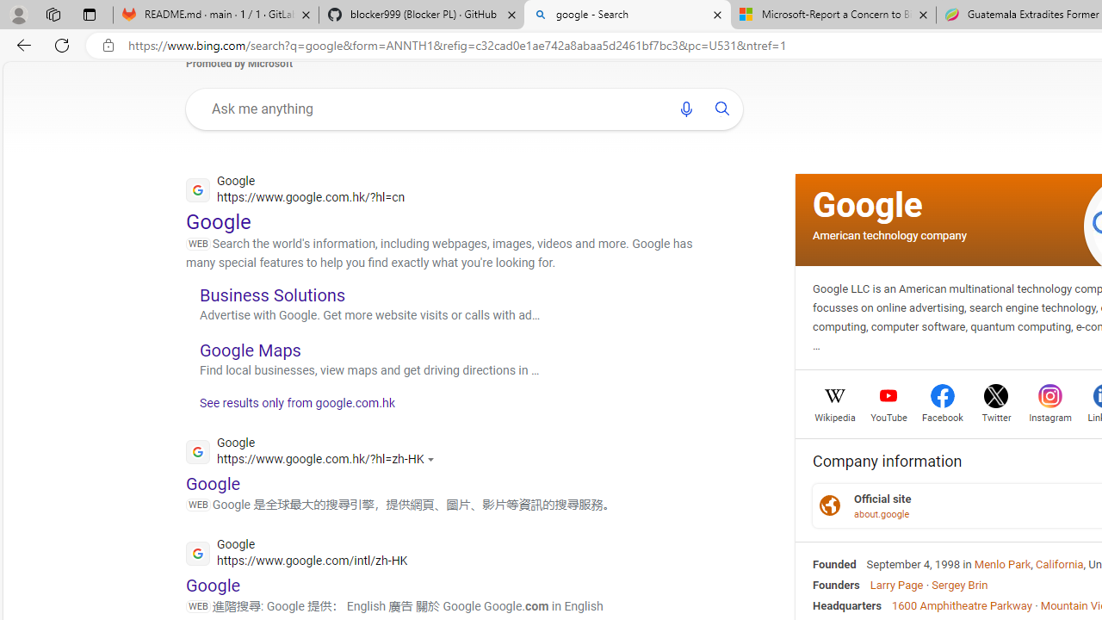 This screenshot has height=620, width=1102. Describe the element at coordinates (895, 583) in the screenshot. I see `'Larry Page'` at that location.